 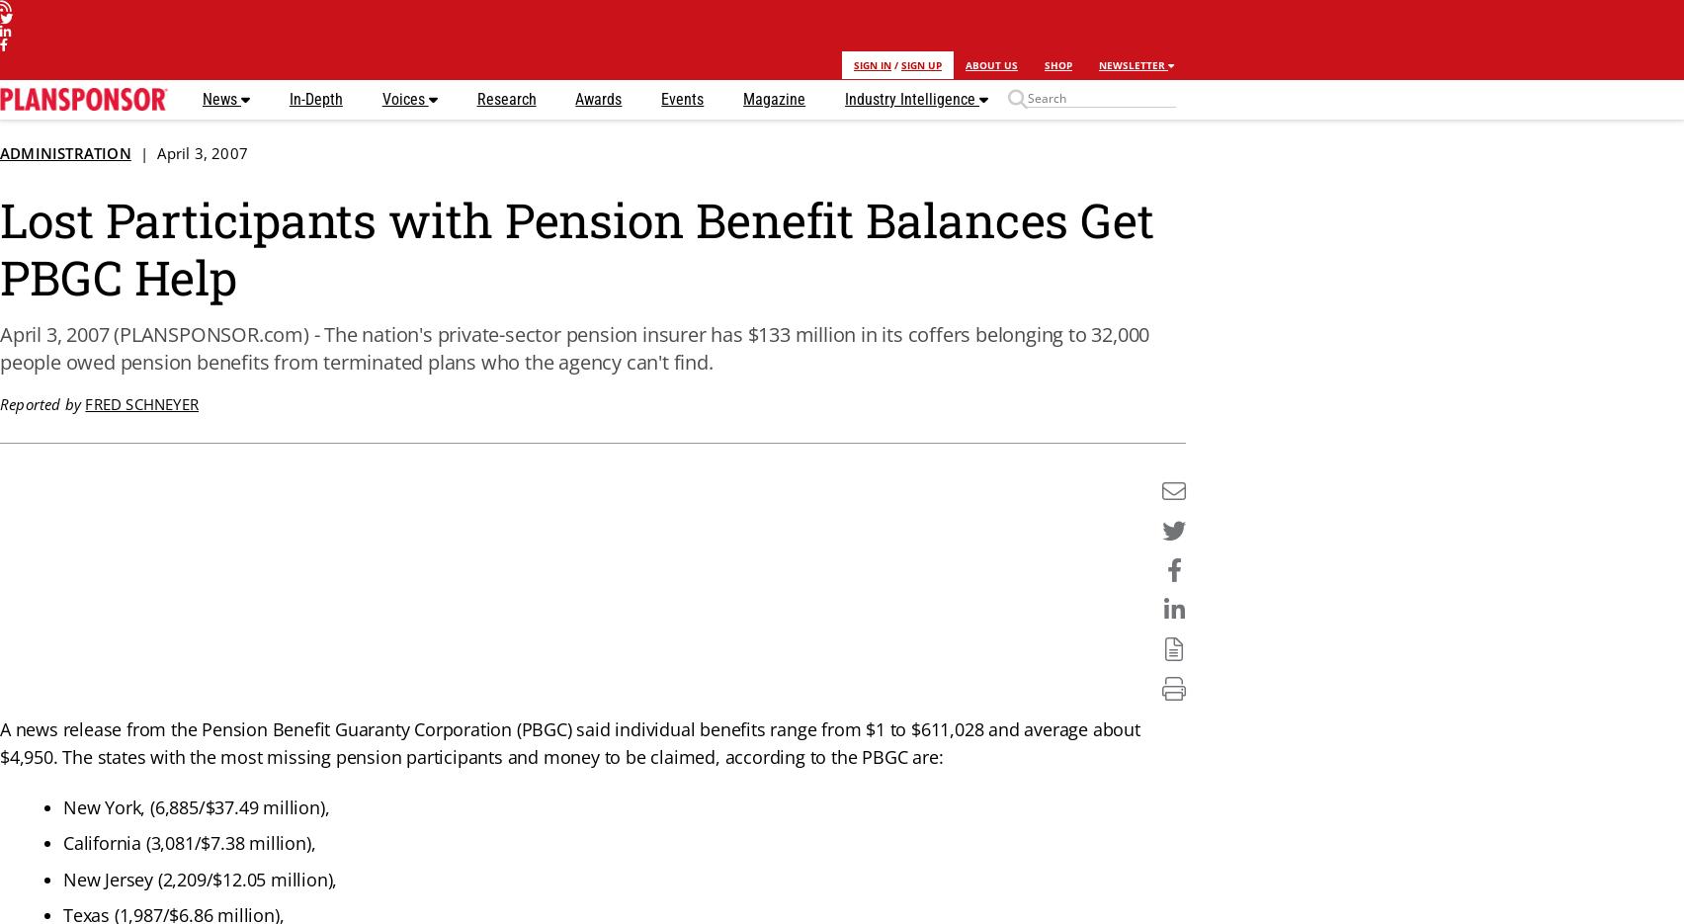 I want to click on 'Research', so click(x=506, y=98).